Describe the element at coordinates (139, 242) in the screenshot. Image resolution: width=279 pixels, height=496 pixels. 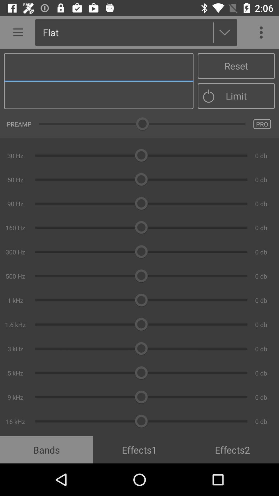
I see `adjust a variety of sound settings` at that location.